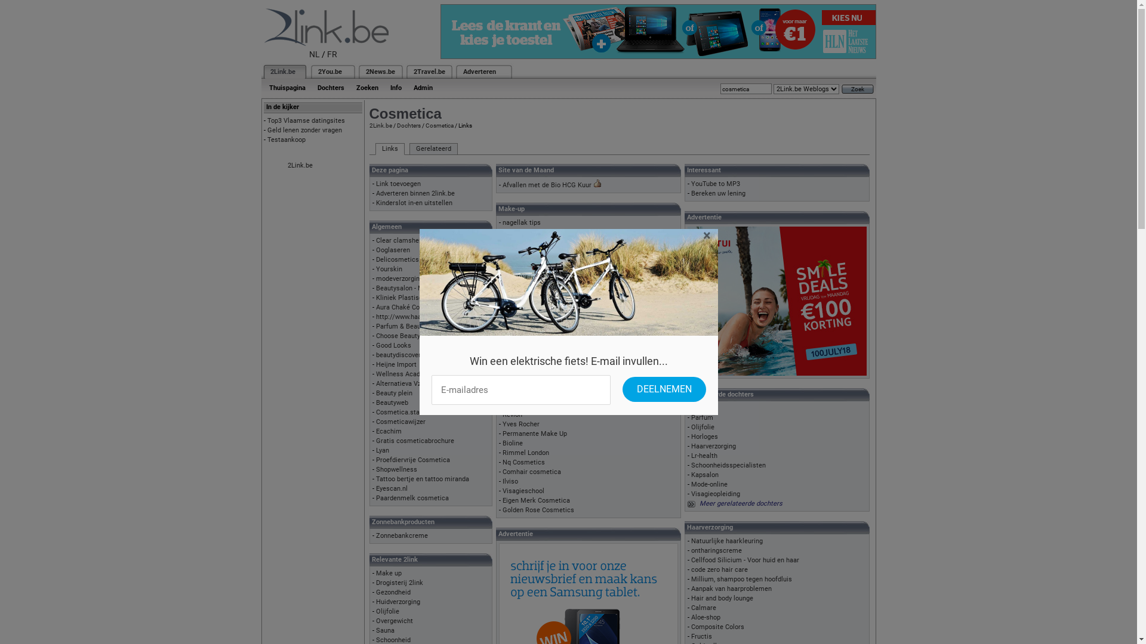 This screenshot has height=644, width=1146. What do you see at coordinates (375, 364) in the screenshot?
I see `'Heijne Import'` at bounding box center [375, 364].